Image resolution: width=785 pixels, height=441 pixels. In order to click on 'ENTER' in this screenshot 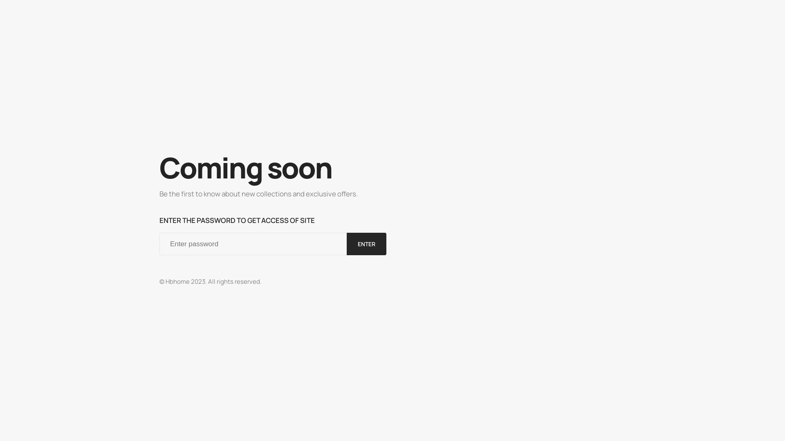, I will do `click(366, 243)`.